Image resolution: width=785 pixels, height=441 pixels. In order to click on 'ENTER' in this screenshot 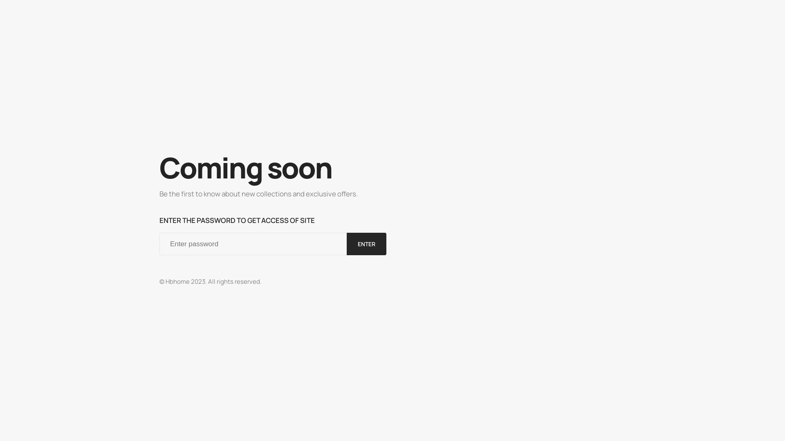, I will do `click(366, 243)`.